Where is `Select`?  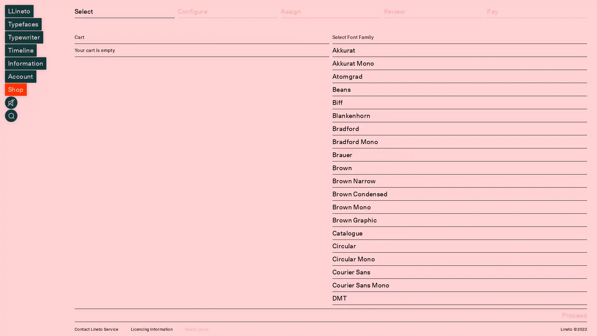
Select is located at coordinates (124, 12).